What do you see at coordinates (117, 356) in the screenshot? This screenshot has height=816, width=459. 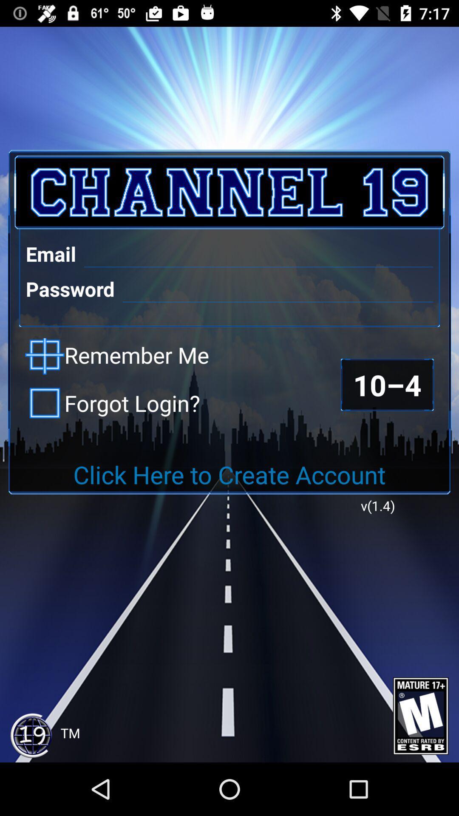 I see `the remember me checkbox` at bounding box center [117, 356].